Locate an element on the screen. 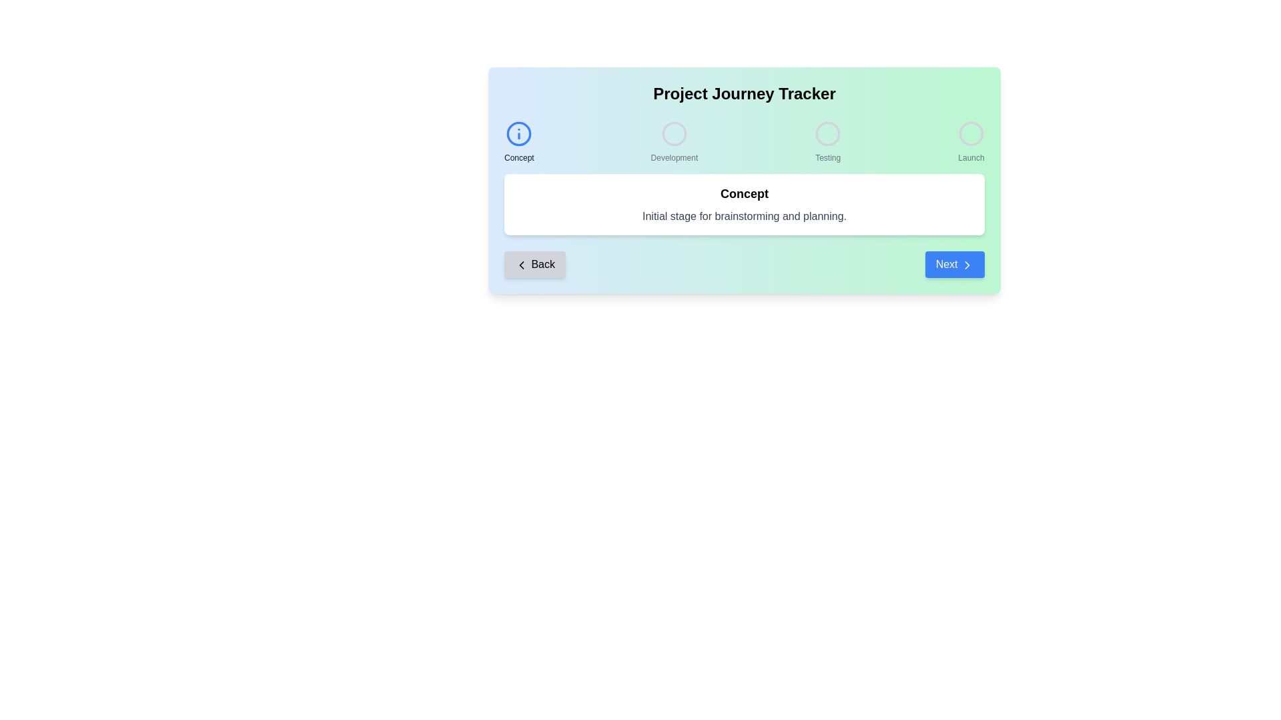 Image resolution: width=1281 pixels, height=720 pixels. the chevron arrow icon located inside the blue 'Next' button at the bottom-right corner of the main card section, which indicates forward navigation is located at coordinates (967, 265).